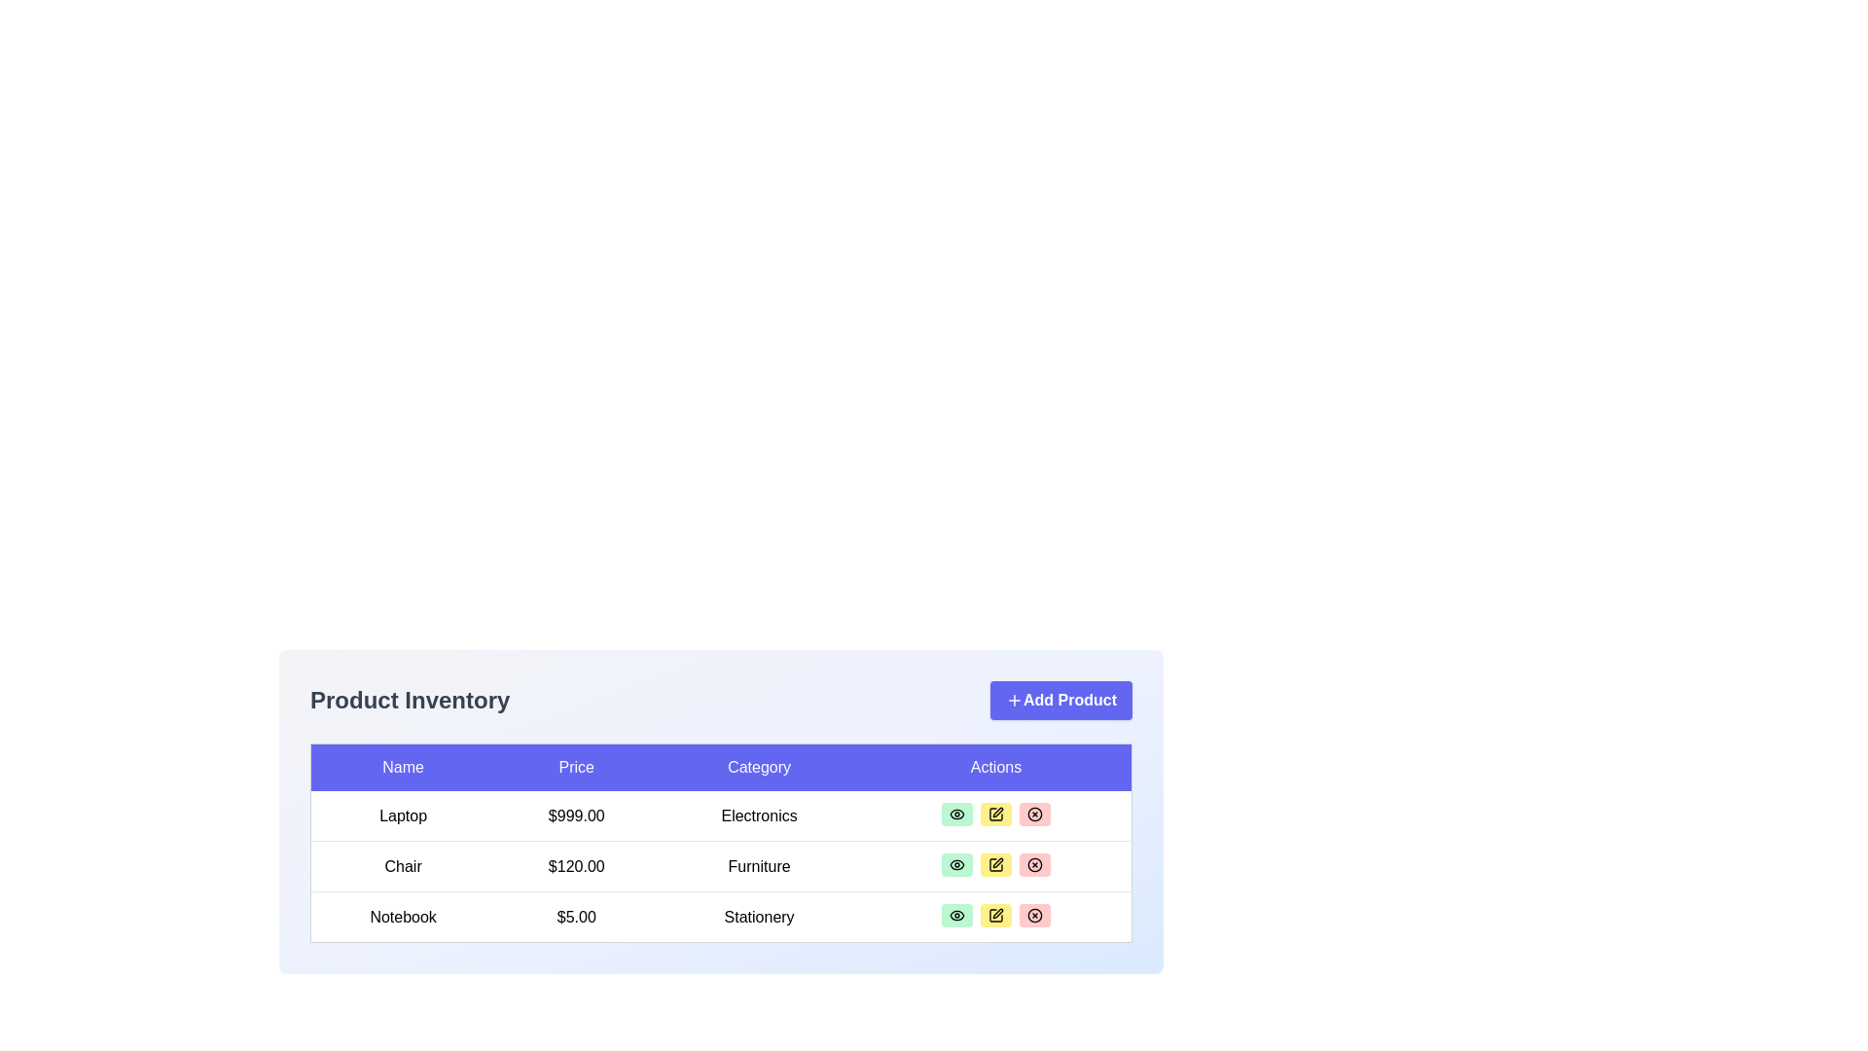  What do you see at coordinates (996, 865) in the screenshot?
I see `the 'Edit' button located in the 'Actions' column for the 'Chair' product` at bounding box center [996, 865].